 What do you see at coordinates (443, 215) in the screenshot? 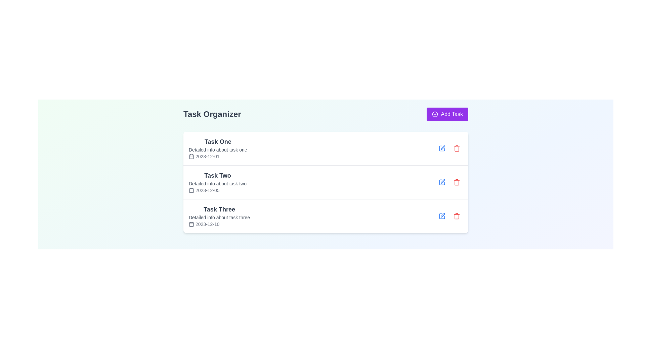
I see `the pencil-shaped edit icon located adjacent to the textual information of Task Three to initiate editing` at bounding box center [443, 215].